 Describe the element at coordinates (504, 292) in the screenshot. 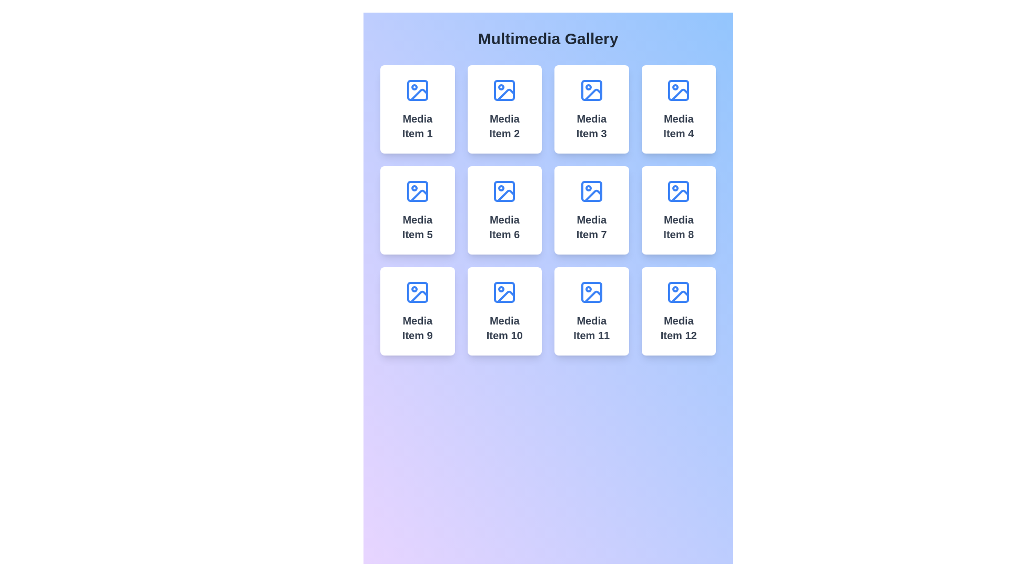

I see `the small blue rectangle with rounded corners representing 'Media Item 10' to focus on the media item` at that location.